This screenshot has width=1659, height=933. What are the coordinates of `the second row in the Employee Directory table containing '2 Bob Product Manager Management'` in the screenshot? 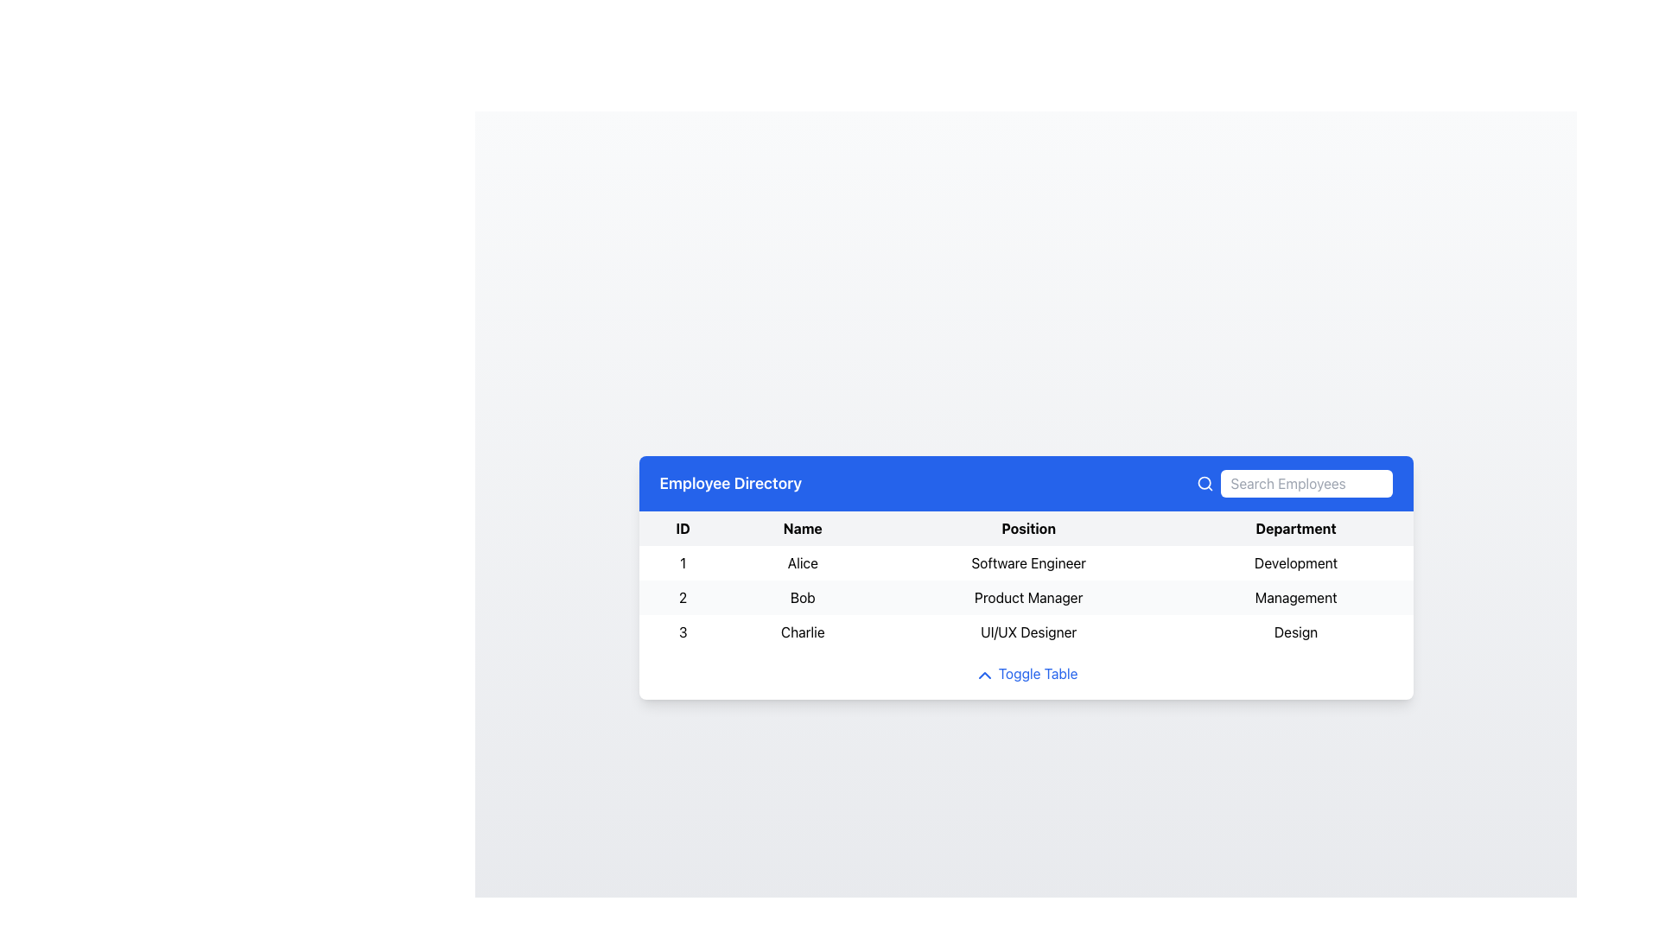 It's located at (1026, 597).